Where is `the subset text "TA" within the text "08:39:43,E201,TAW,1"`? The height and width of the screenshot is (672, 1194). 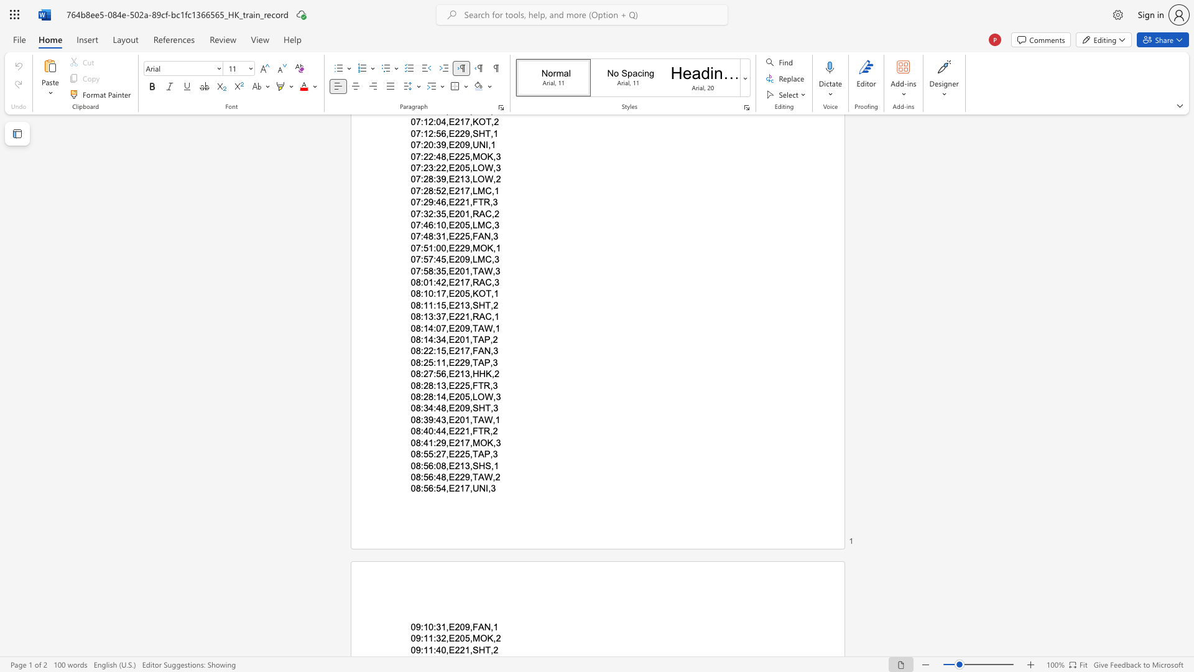 the subset text "TA" within the text "08:39:43,E201,TAW,1" is located at coordinates (471, 419).